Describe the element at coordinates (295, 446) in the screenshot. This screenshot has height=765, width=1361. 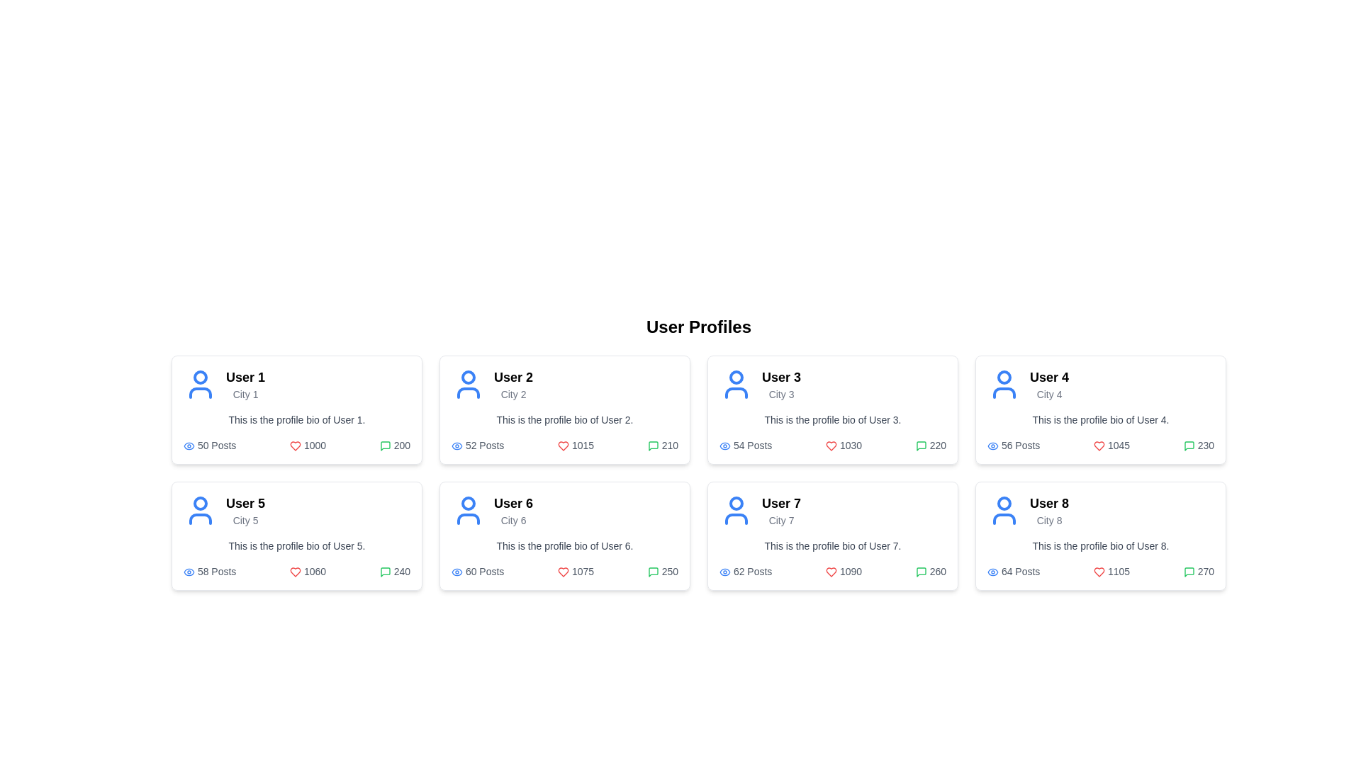
I see `the heart icon indicating likes for 'User 2'` at that location.